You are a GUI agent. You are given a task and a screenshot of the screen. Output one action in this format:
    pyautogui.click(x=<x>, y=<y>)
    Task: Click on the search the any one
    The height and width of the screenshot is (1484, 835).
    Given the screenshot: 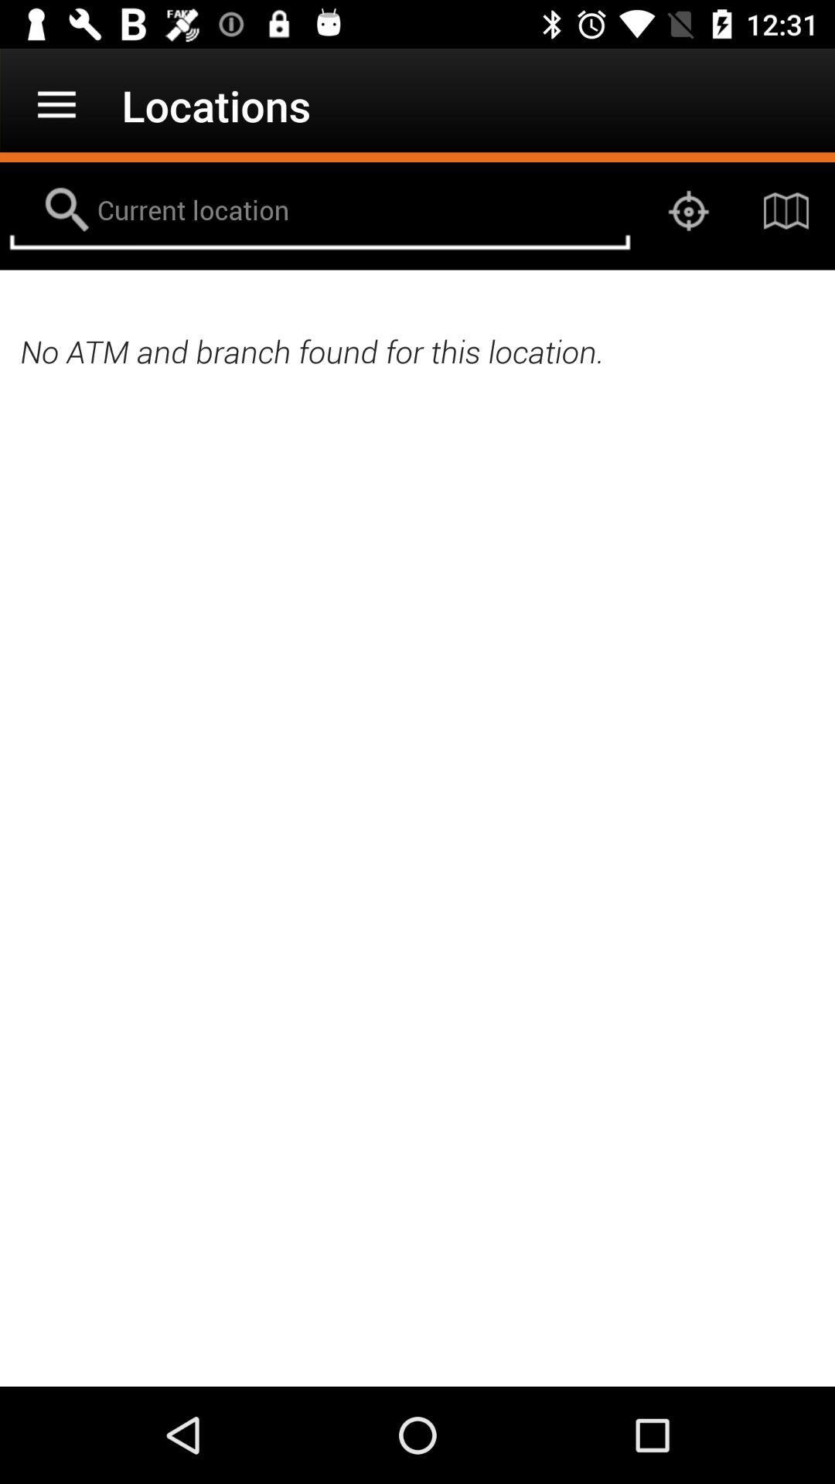 What is the action you would take?
    pyautogui.click(x=319, y=210)
    